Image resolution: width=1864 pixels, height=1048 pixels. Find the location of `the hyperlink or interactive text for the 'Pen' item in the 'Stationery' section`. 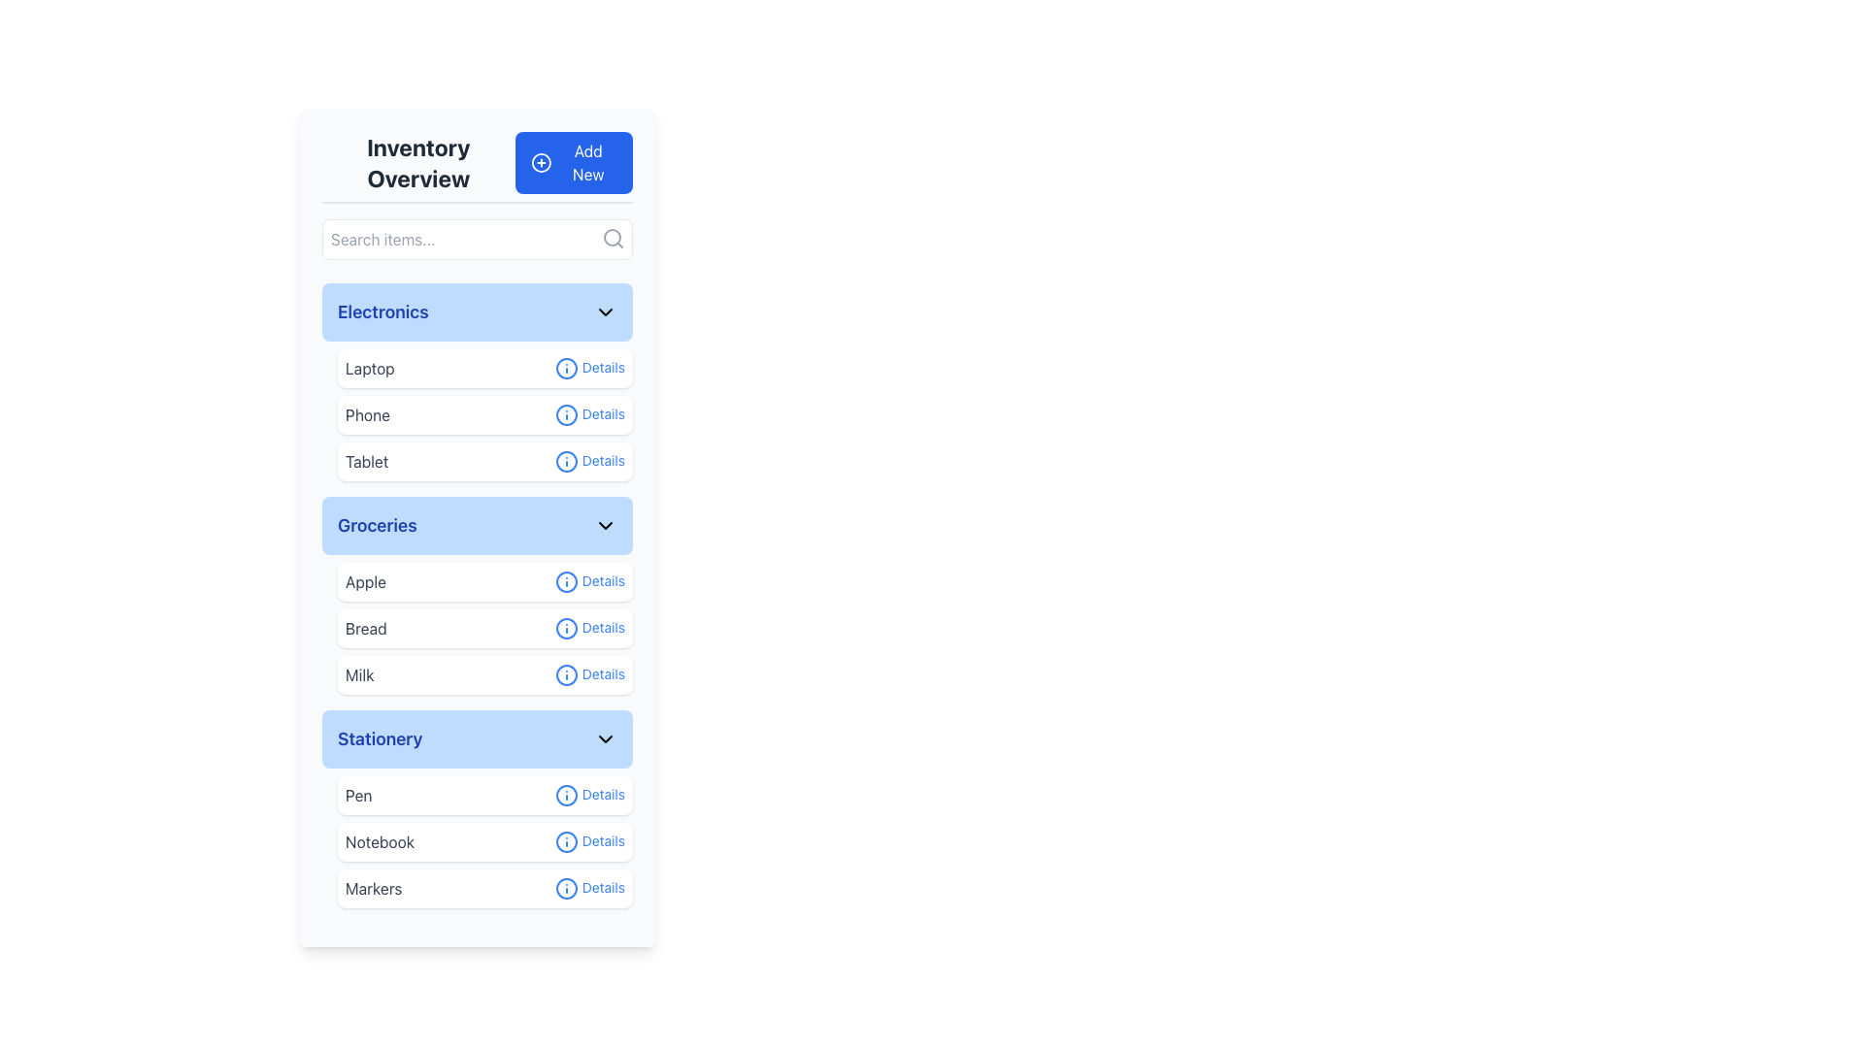

the hyperlink or interactive text for the 'Pen' item in the 'Stationery' section is located at coordinates (588, 796).